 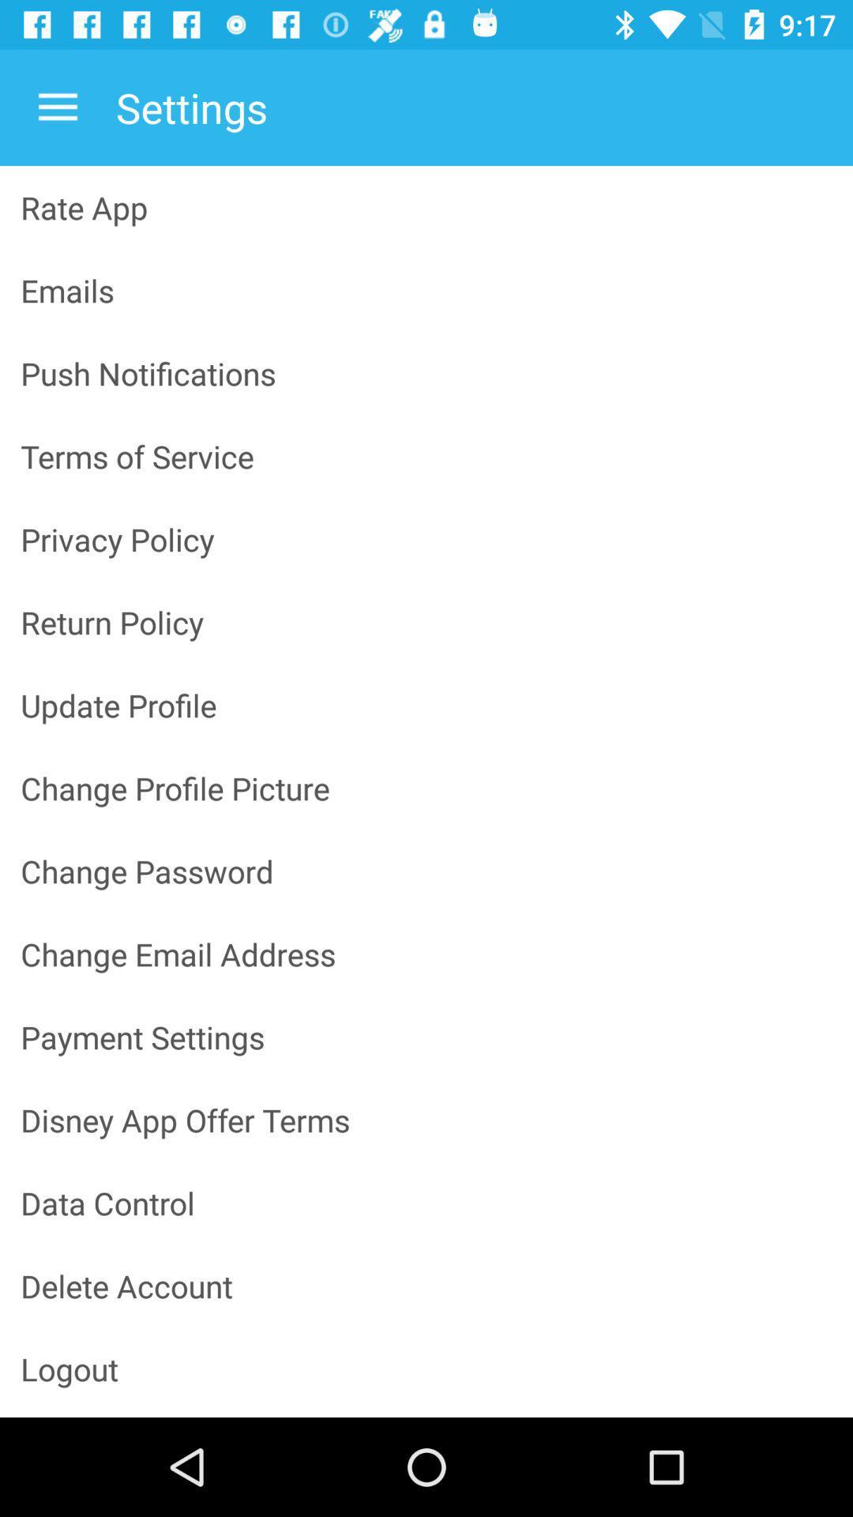 I want to click on the update profile icon, so click(x=426, y=704).